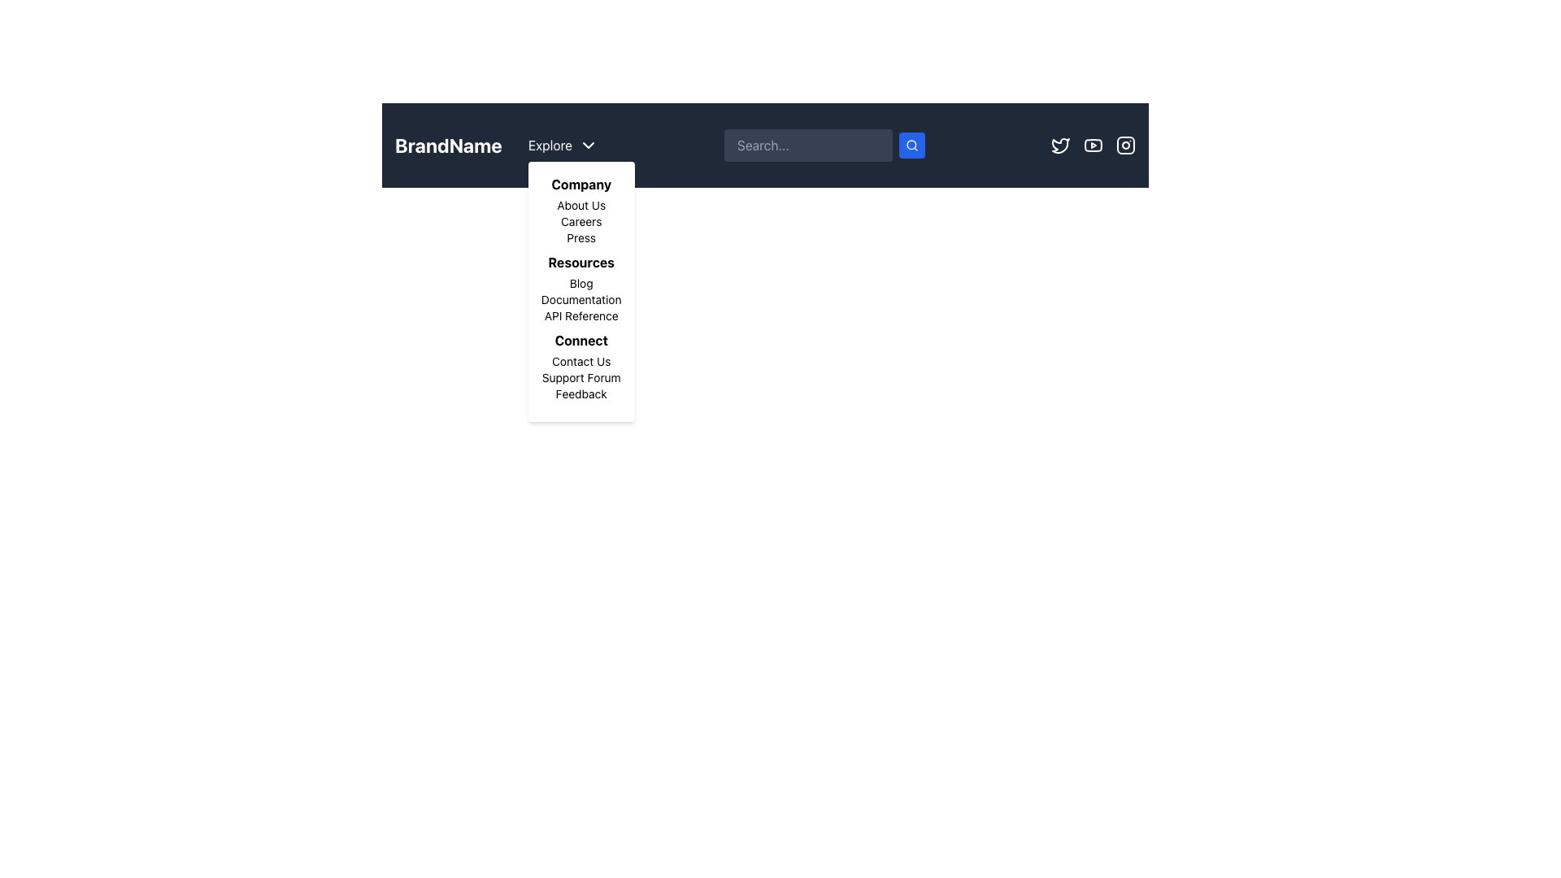 This screenshot has width=1561, height=878. Describe the element at coordinates (1061, 144) in the screenshot. I see `the Twitter icon button located in the top-right corner of the dark navigation bar, which is styled as a vector graphic bird with a sleek curved outline` at that location.